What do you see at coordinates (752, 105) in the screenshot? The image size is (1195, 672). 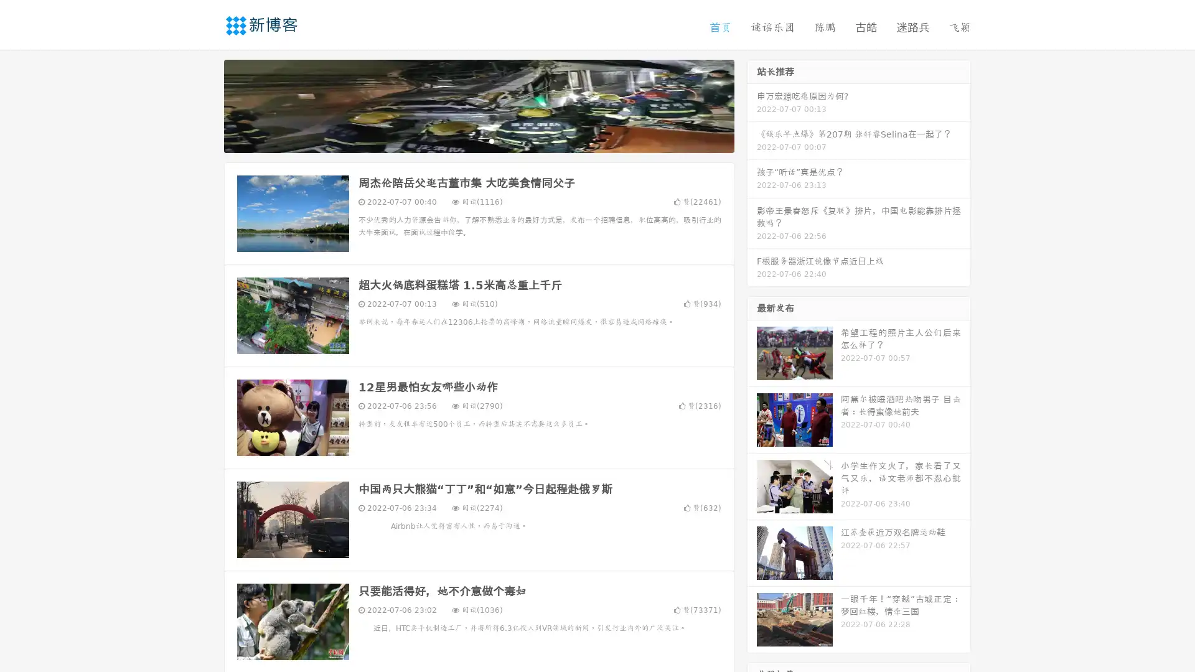 I see `Next slide` at bounding box center [752, 105].